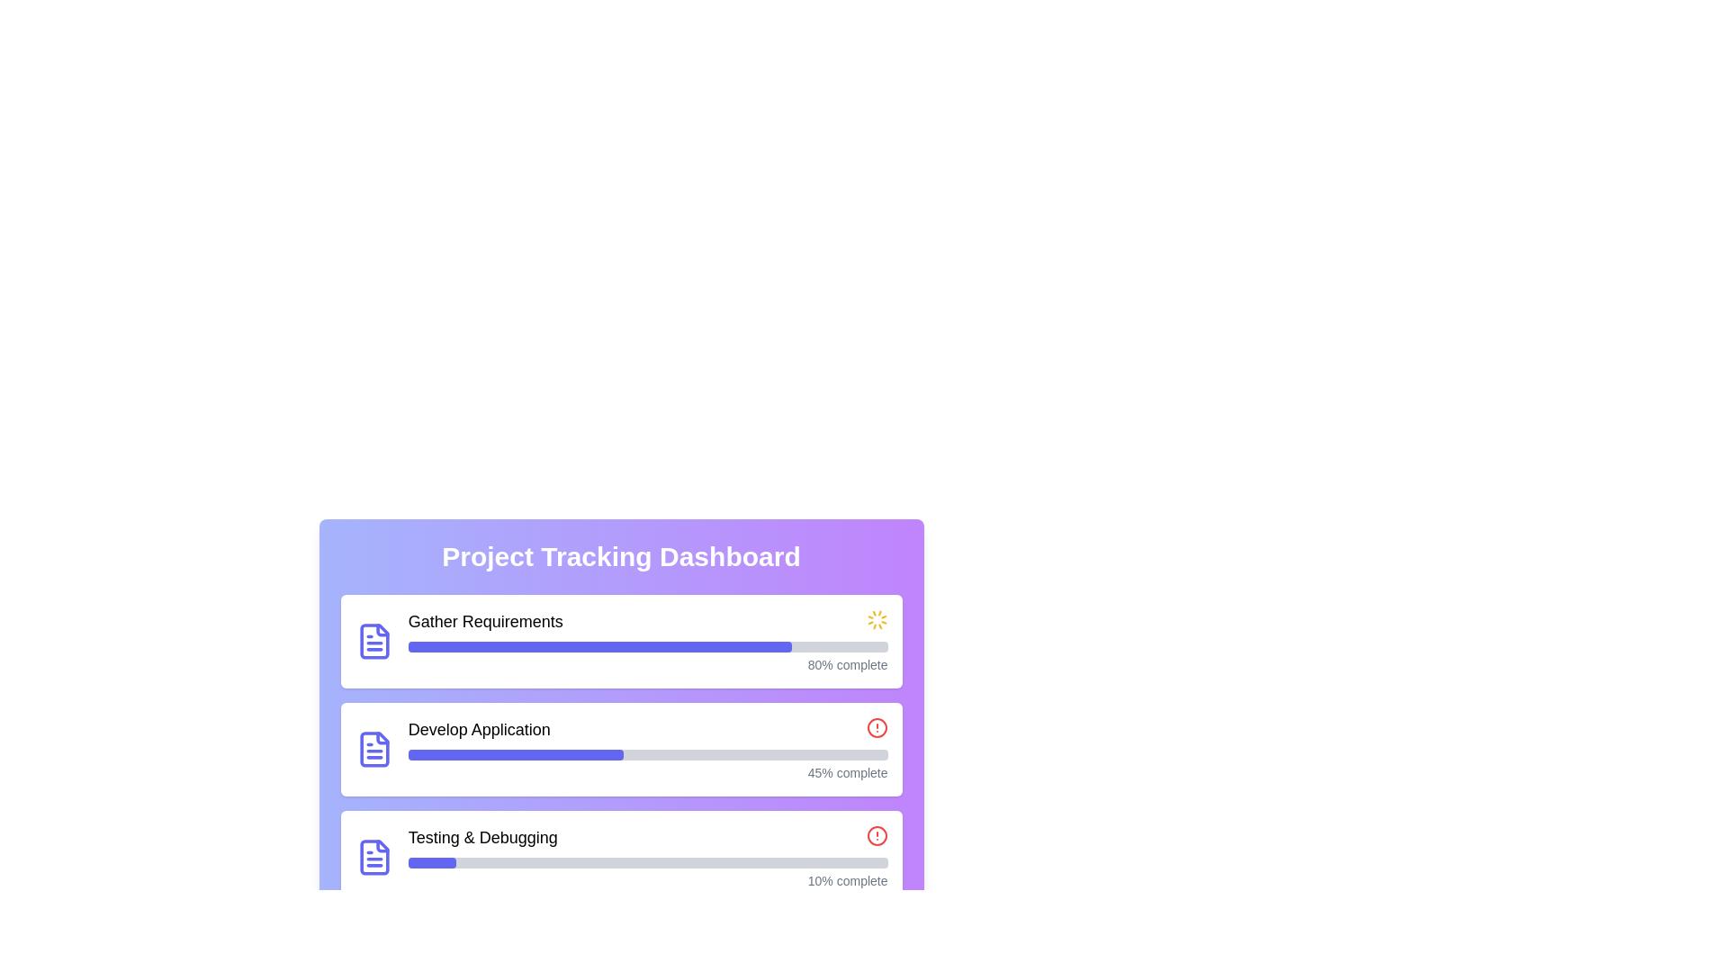  Describe the element at coordinates (648, 645) in the screenshot. I see `the horizontal progress bar in the 'Gather Requirements' section of the project tracking dashboard, which is filled to 80% and has a rounded design` at that location.